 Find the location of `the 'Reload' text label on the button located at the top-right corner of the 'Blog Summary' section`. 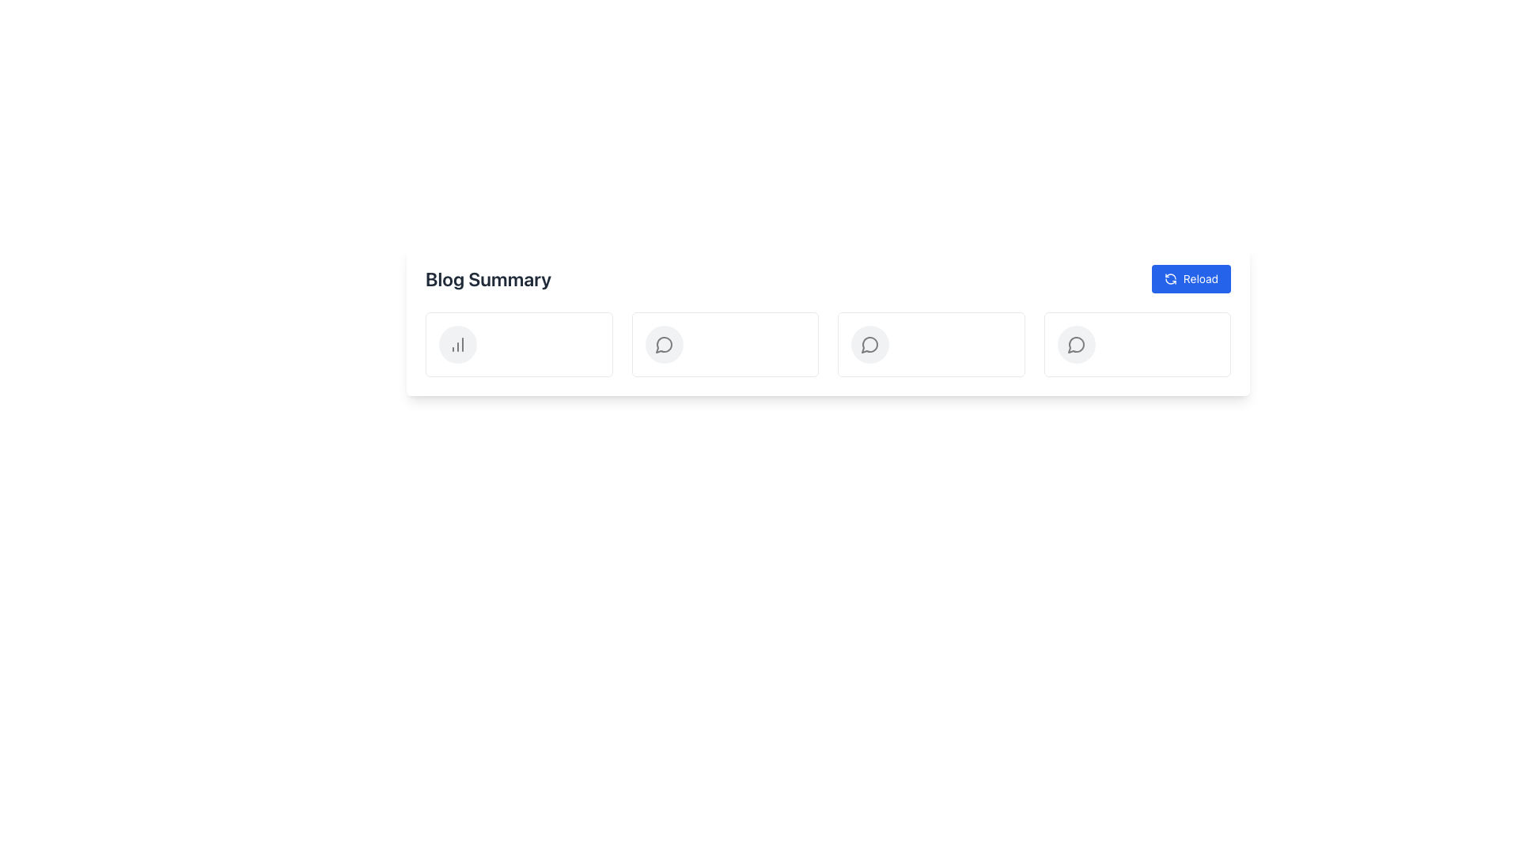

the 'Reload' text label on the button located at the top-right corner of the 'Blog Summary' section is located at coordinates (1200, 278).